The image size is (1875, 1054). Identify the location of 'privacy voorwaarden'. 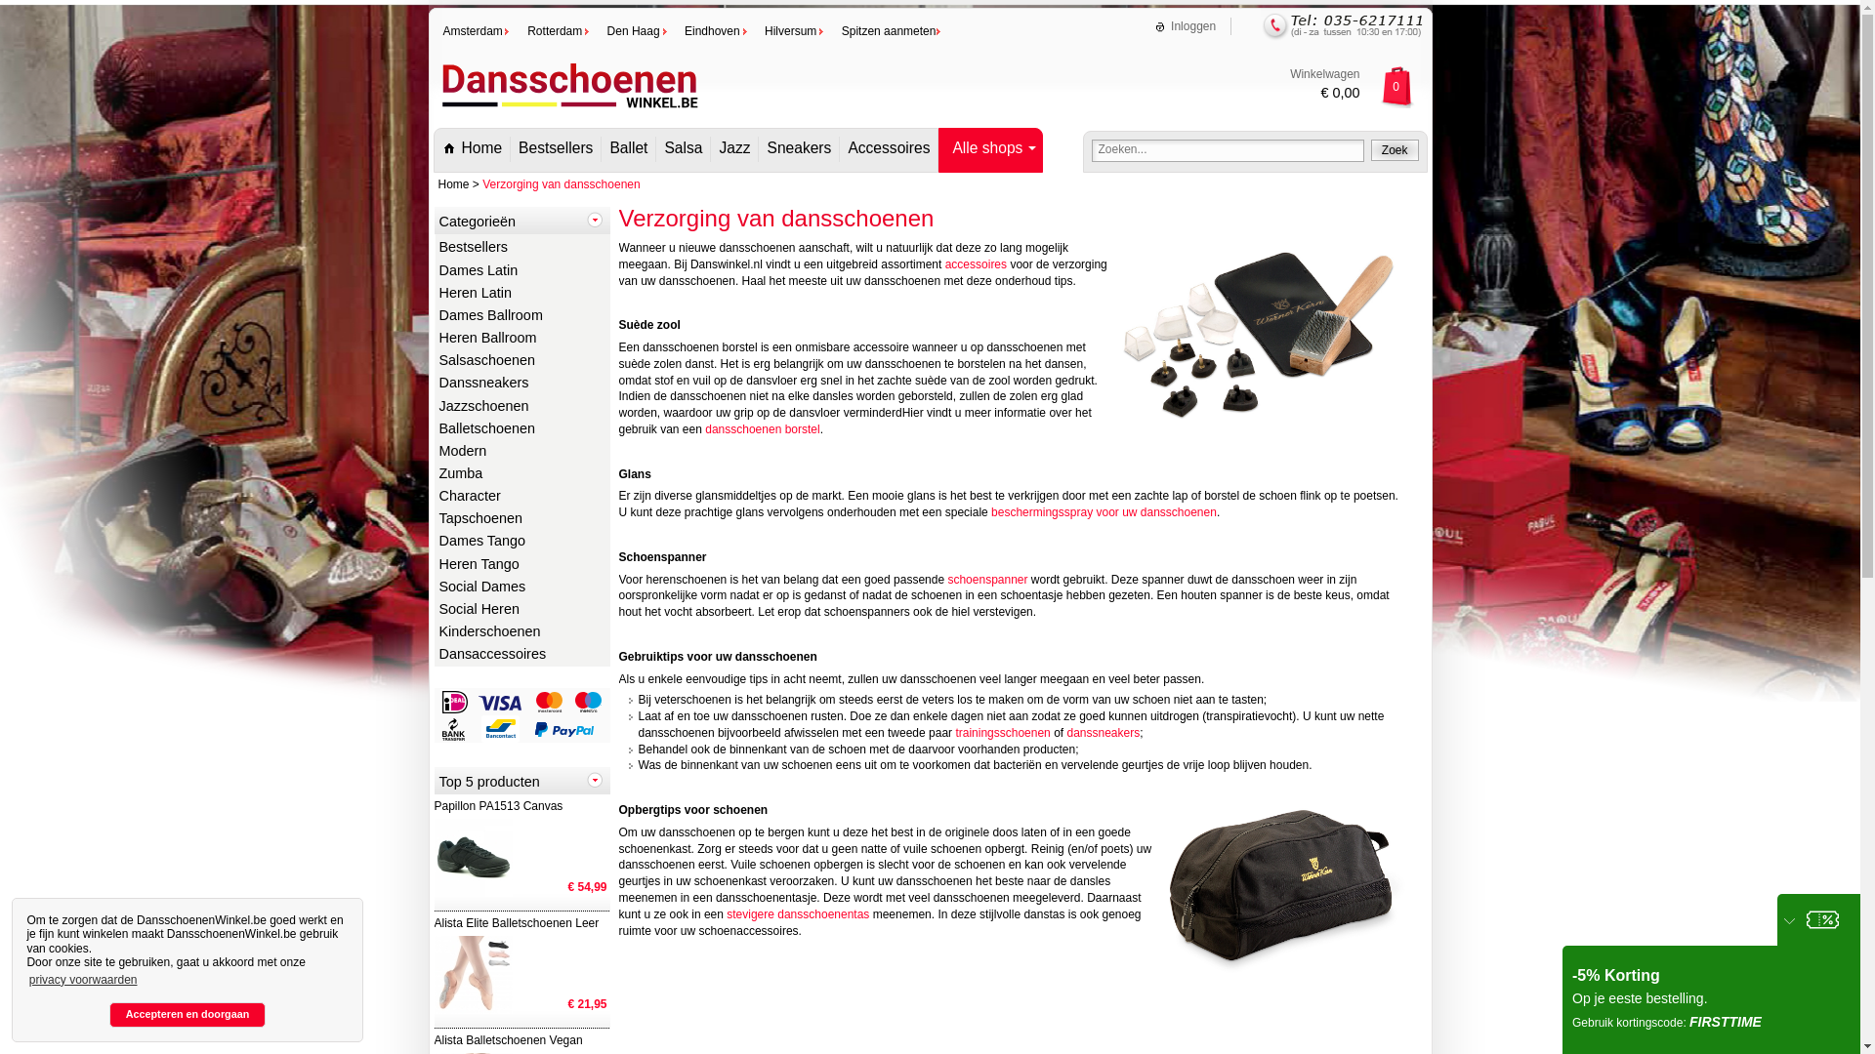
(82, 979).